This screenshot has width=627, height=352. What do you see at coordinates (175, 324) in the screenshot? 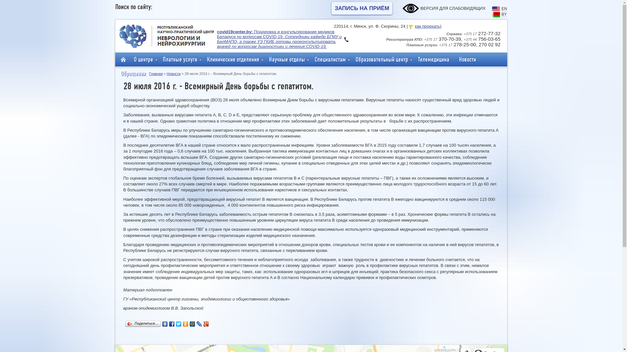
I see `'Twitter'` at bounding box center [175, 324].